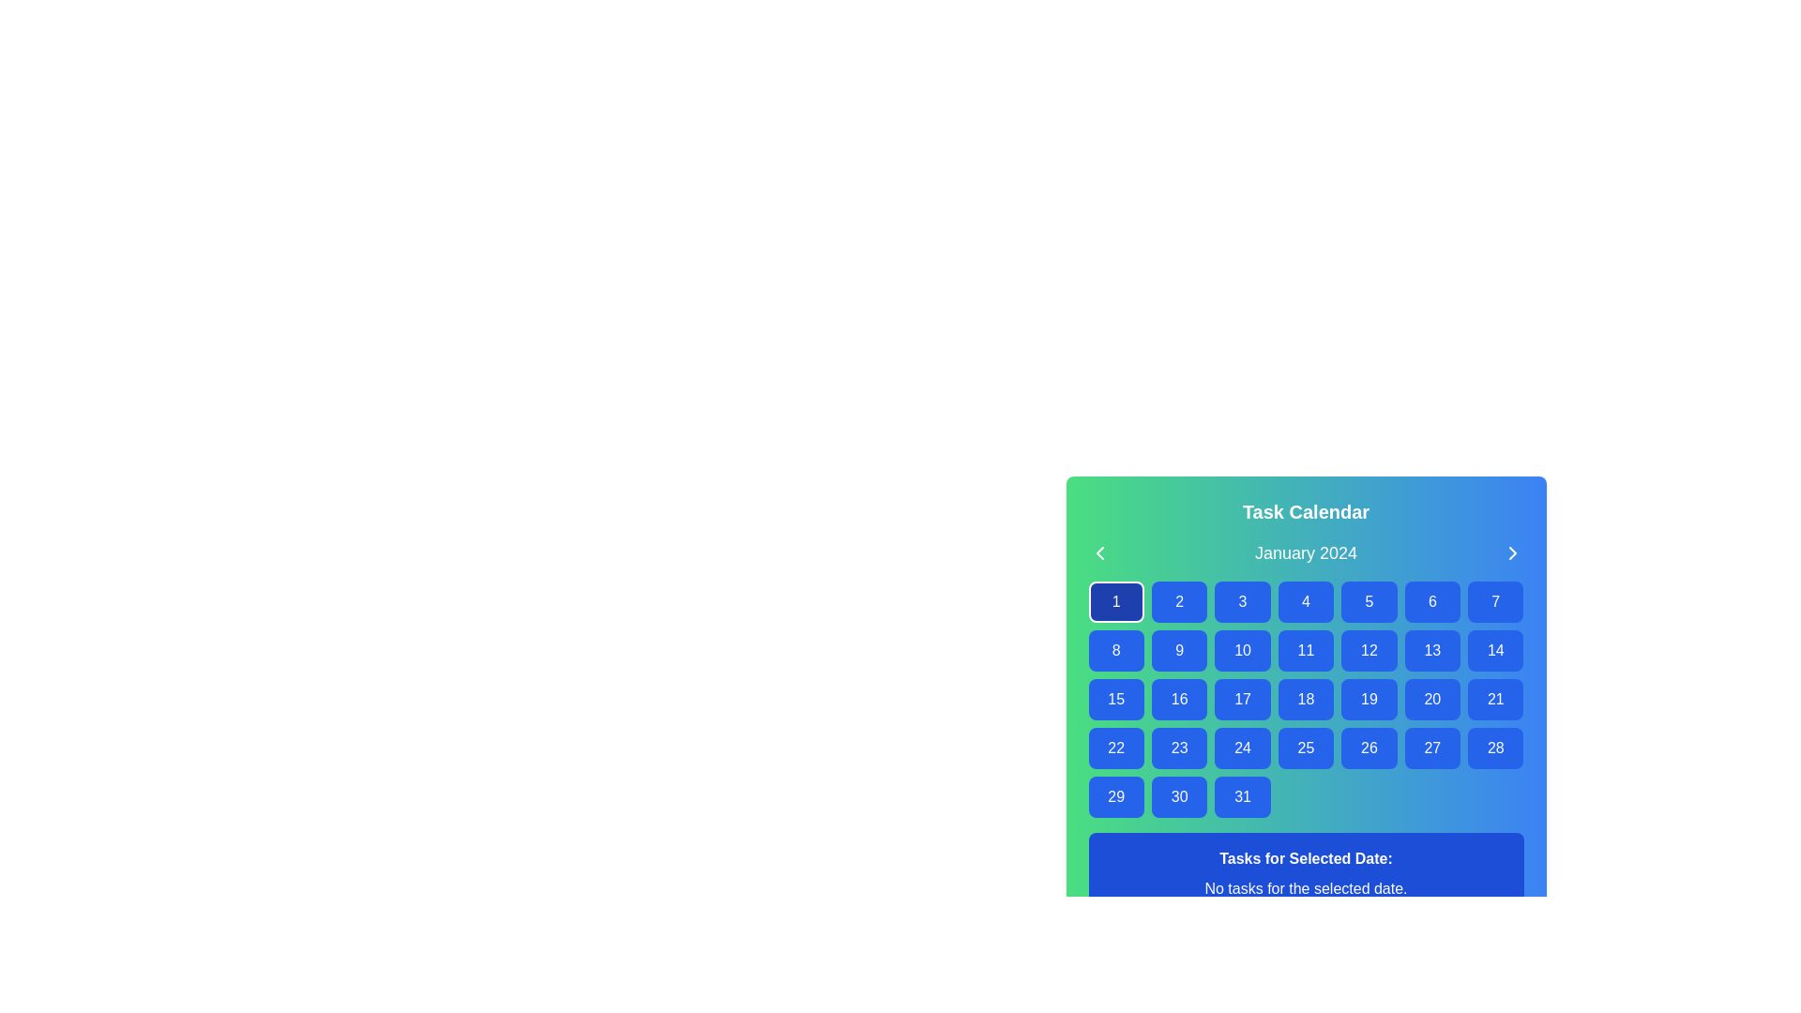 This screenshot has height=1013, width=1801. I want to click on the clickable date button for '20' in the calendar, so click(1431, 699).